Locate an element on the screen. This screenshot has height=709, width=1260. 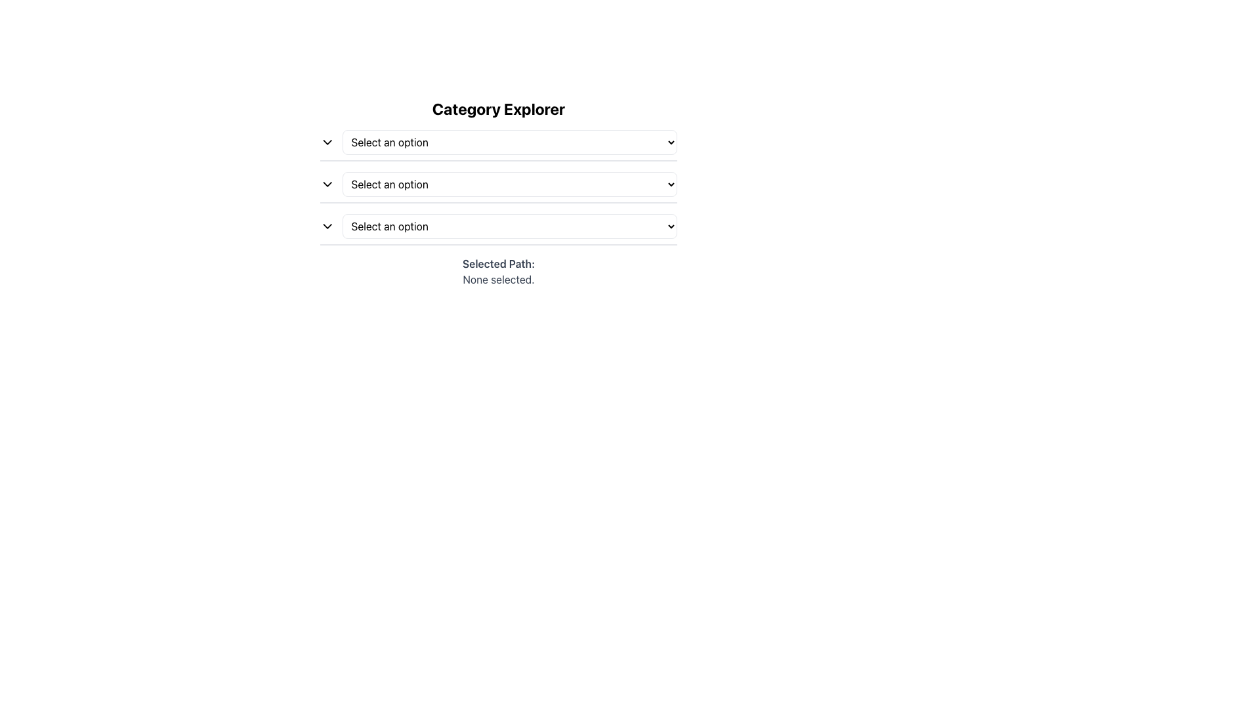
the second dropdown menu labeled 'Select an option' in the 'Category Explorer' section is located at coordinates (509, 184).